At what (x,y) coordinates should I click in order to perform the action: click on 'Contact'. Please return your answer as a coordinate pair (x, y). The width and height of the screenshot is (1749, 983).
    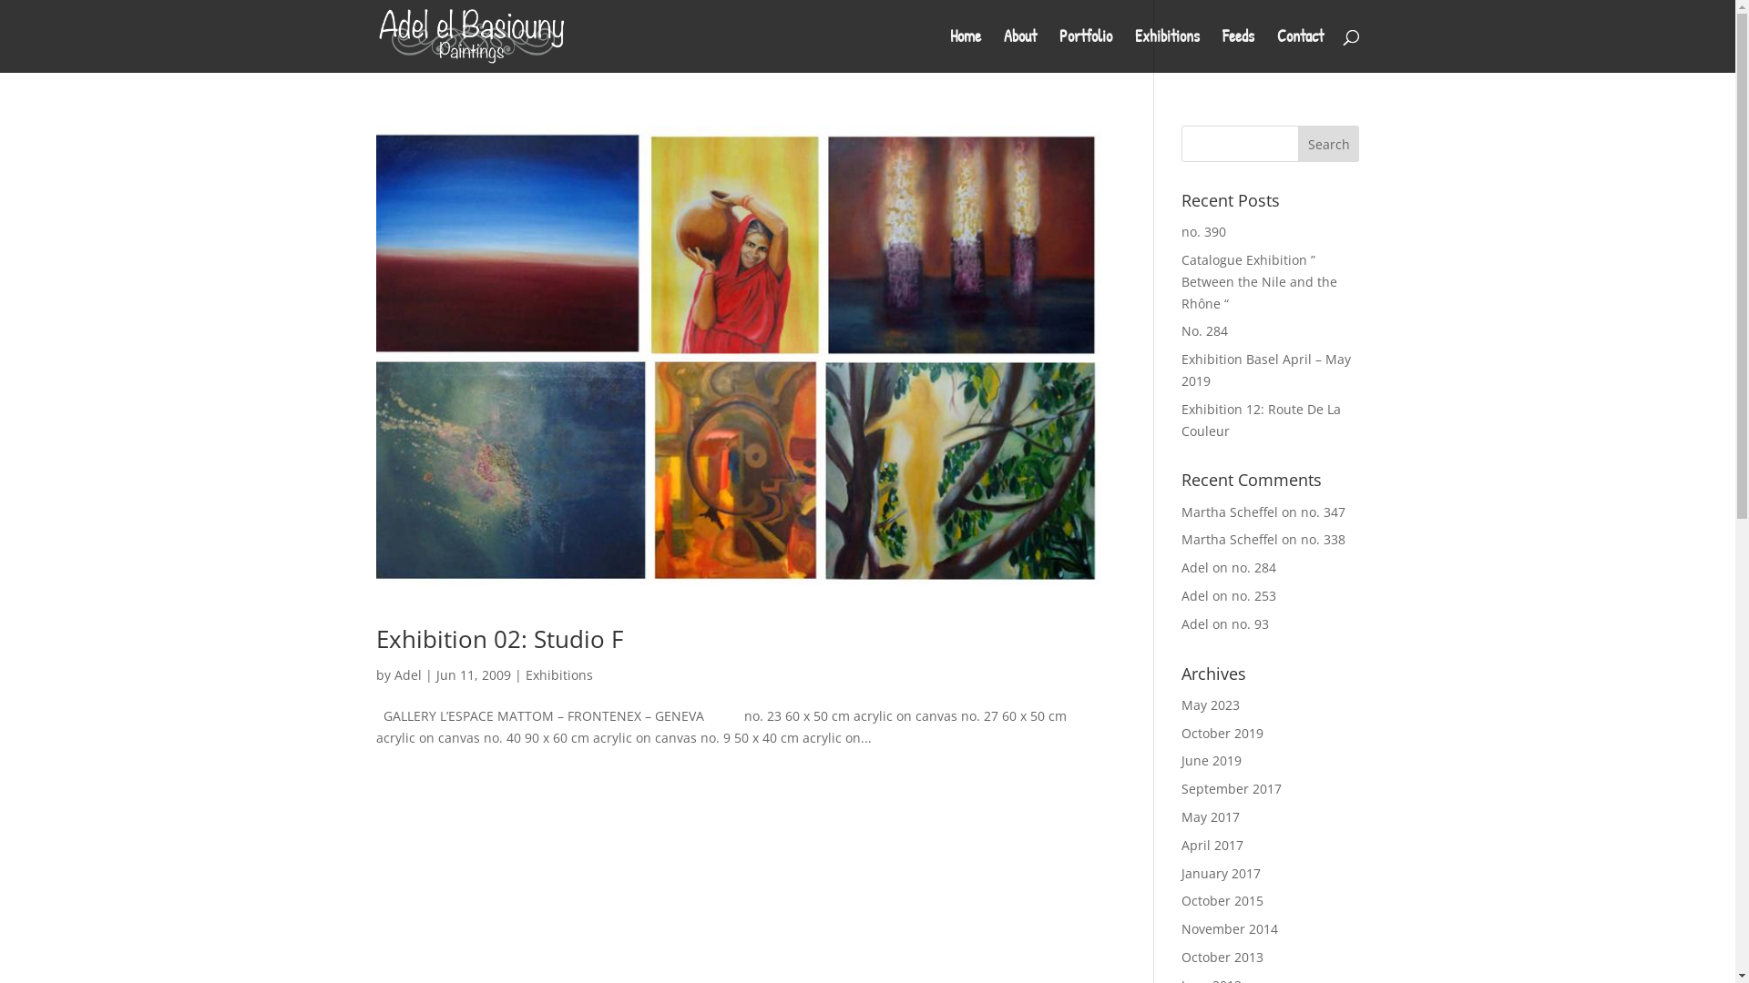
    Looking at the image, I should click on (1275, 50).